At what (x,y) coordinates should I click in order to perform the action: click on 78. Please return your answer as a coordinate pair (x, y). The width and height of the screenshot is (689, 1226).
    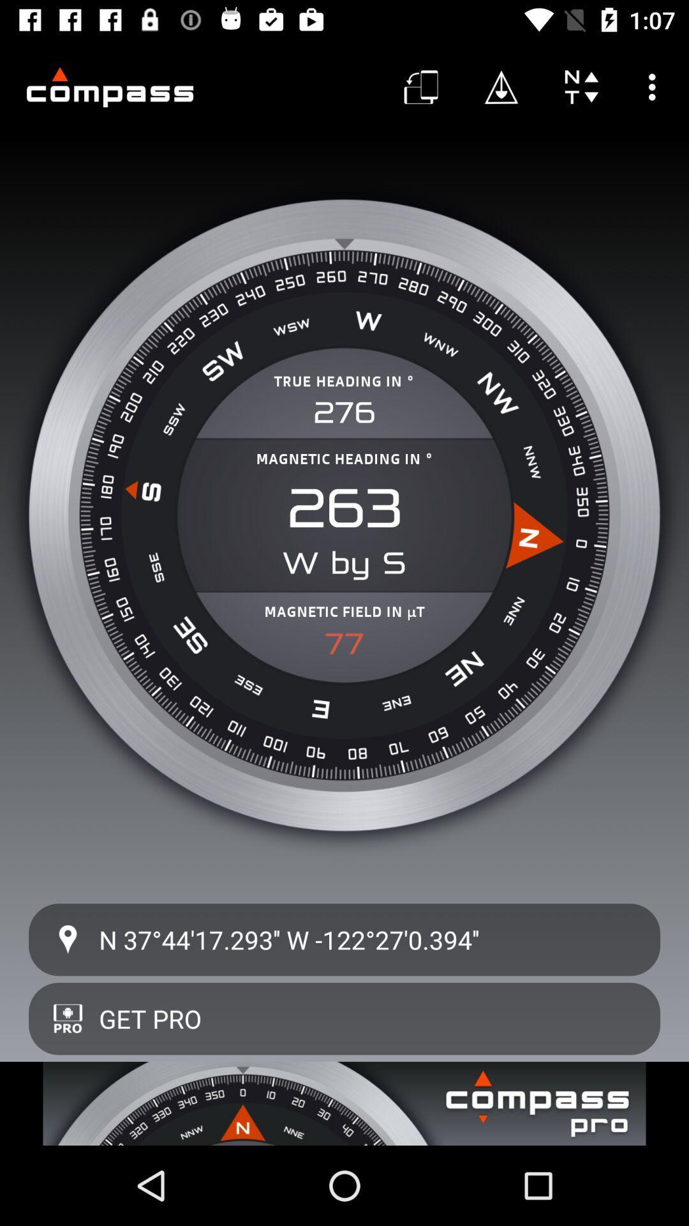
    Looking at the image, I should click on (344, 644).